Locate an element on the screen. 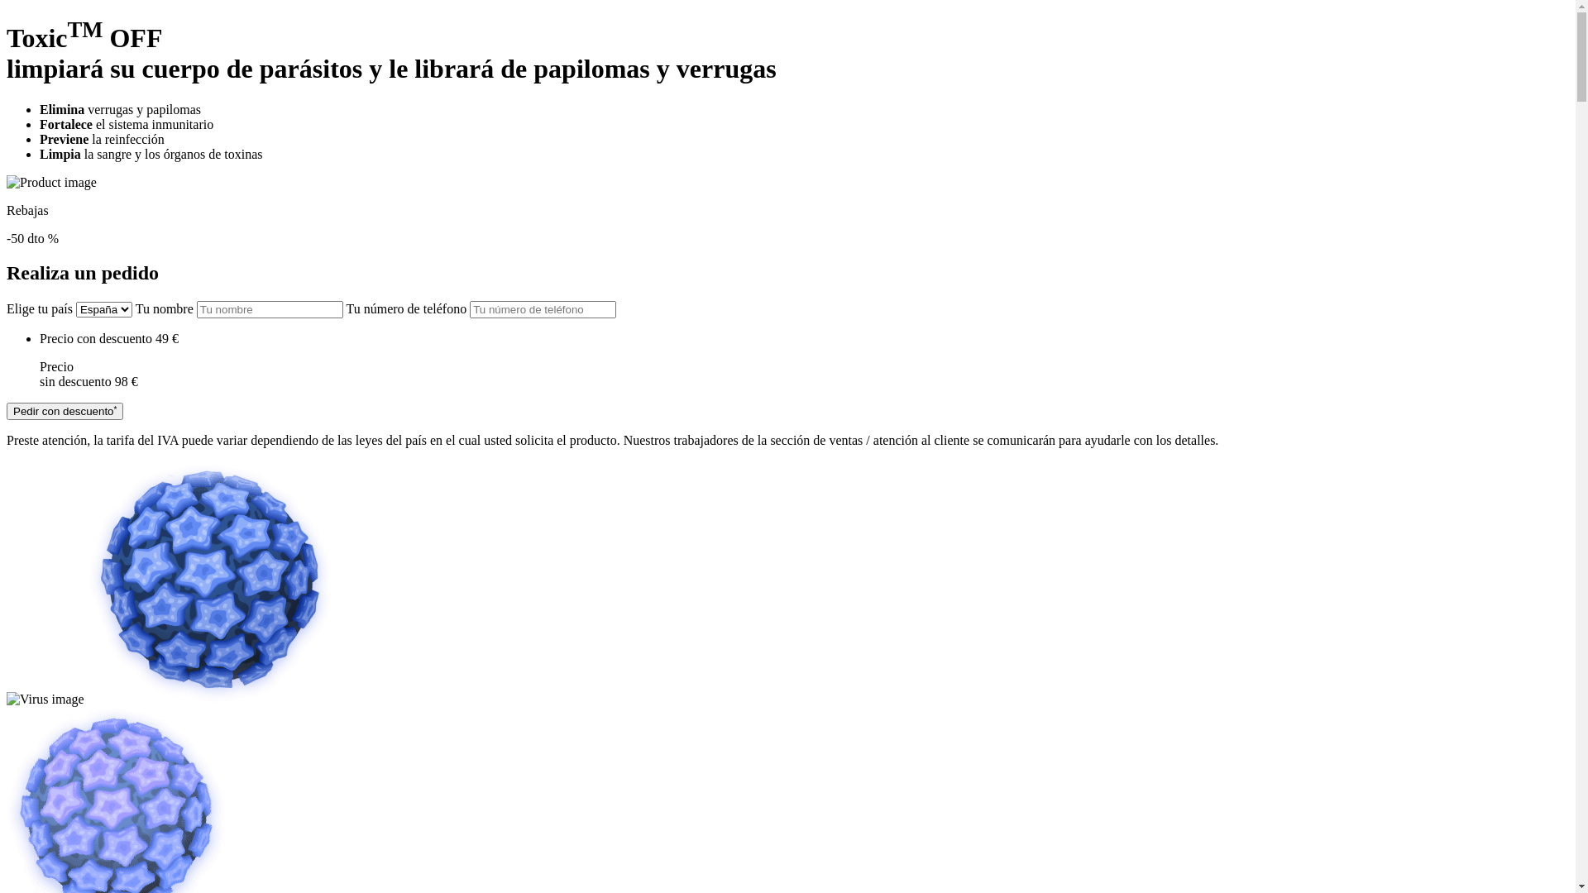 The width and height of the screenshot is (1588, 893). 'Pedir con descuento' is located at coordinates (65, 410).